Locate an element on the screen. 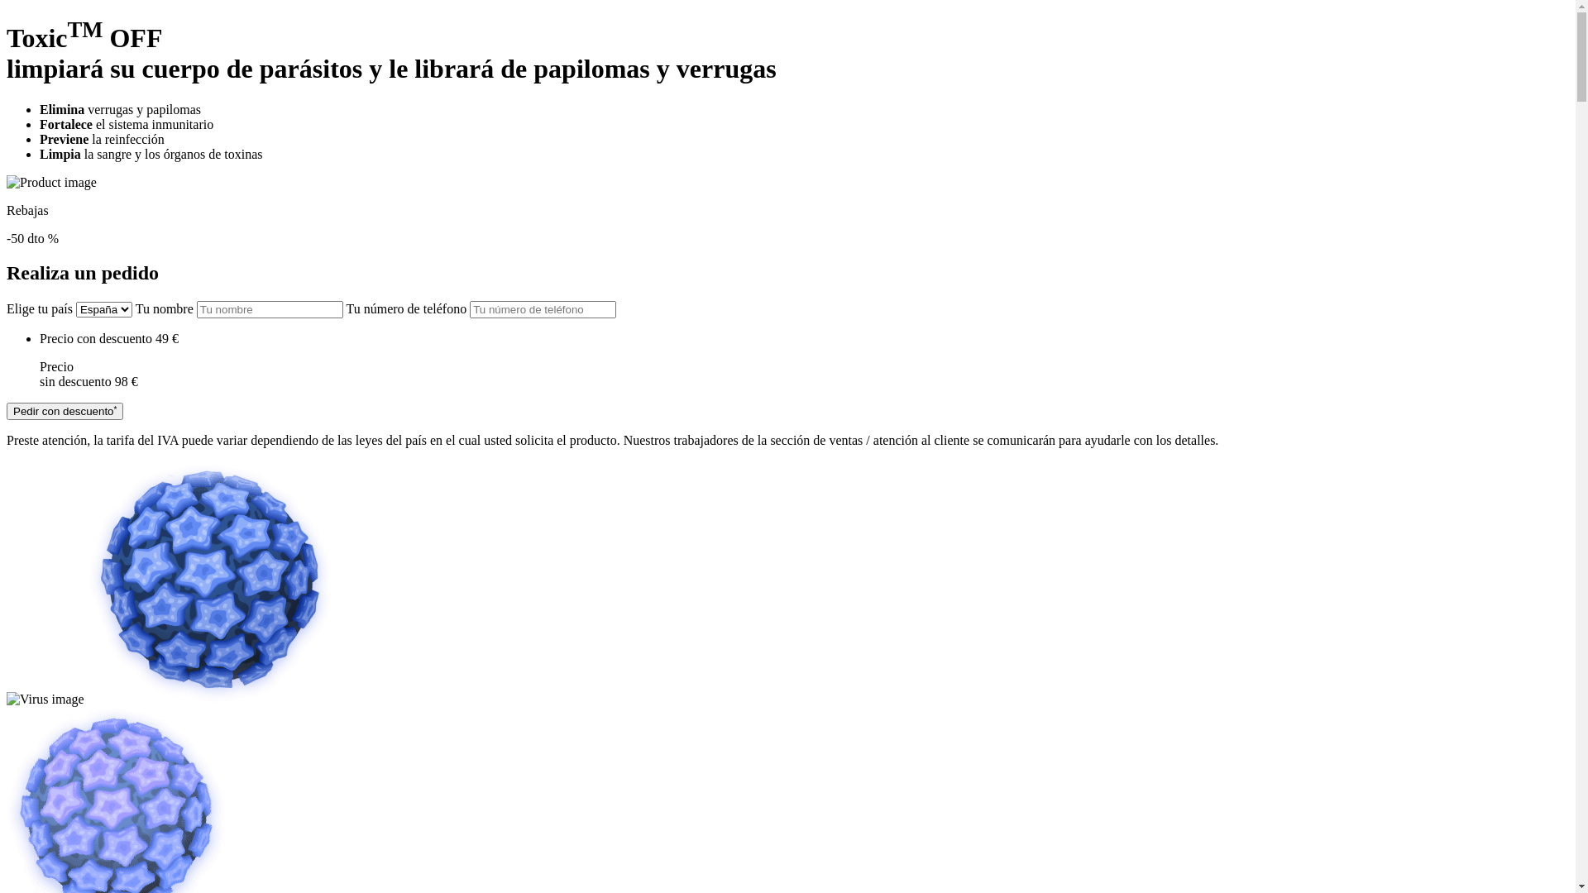 The width and height of the screenshot is (1588, 893). 'Pedir con descuento' is located at coordinates (65, 410).